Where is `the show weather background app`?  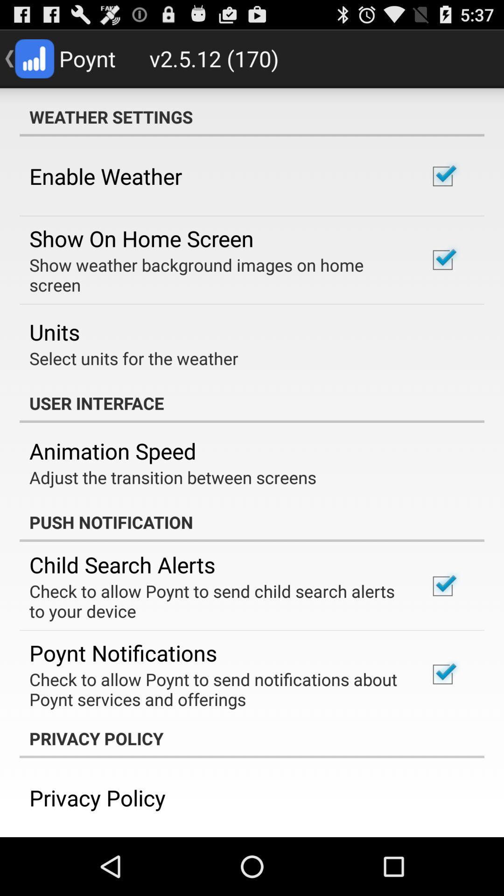
the show weather background app is located at coordinates (216, 274).